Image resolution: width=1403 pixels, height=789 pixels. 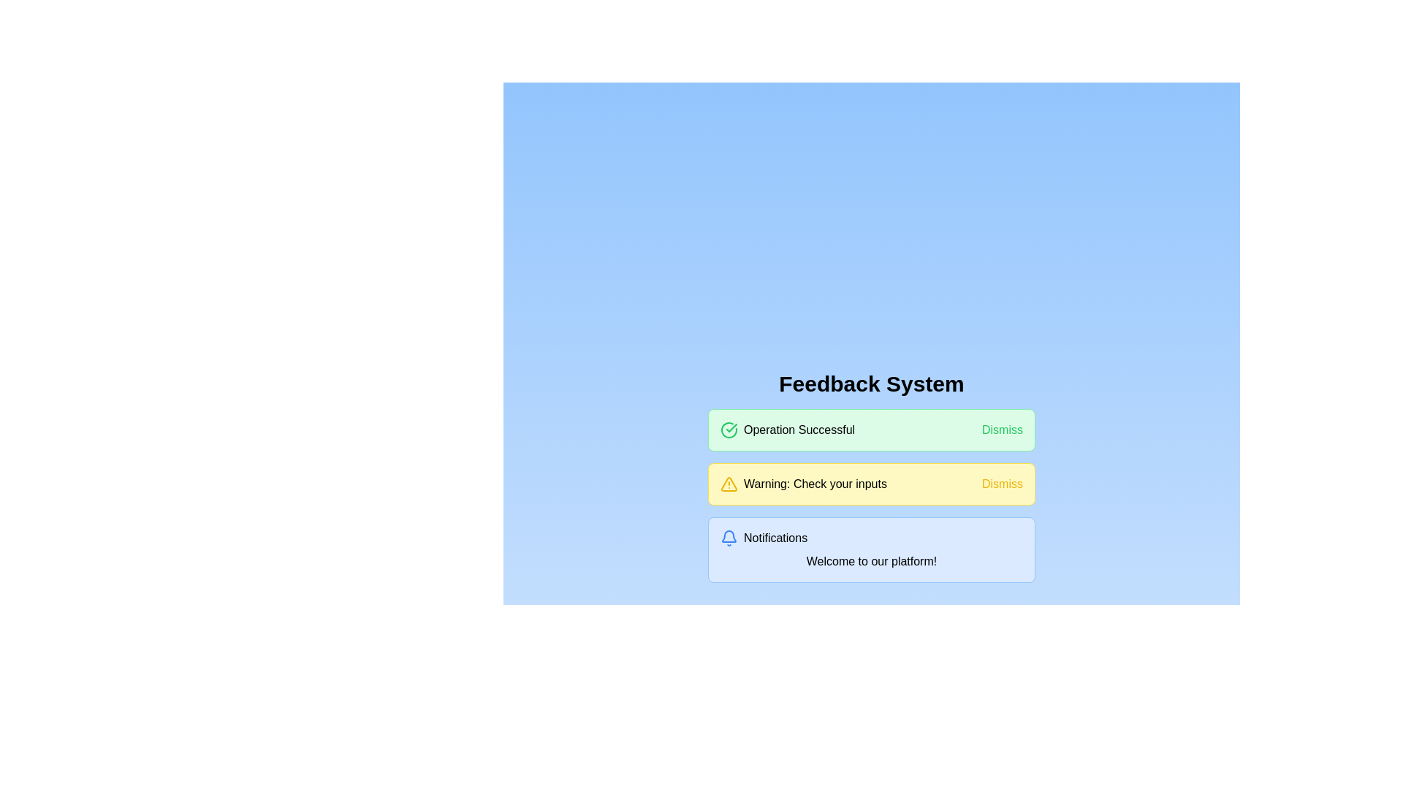 What do you see at coordinates (729, 430) in the screenshot?
I see `the green circular icon with a checkmark inside, which is located to the left of the 'Operation Successful' message in the topmost notification area` at bounding box center [729, 430].